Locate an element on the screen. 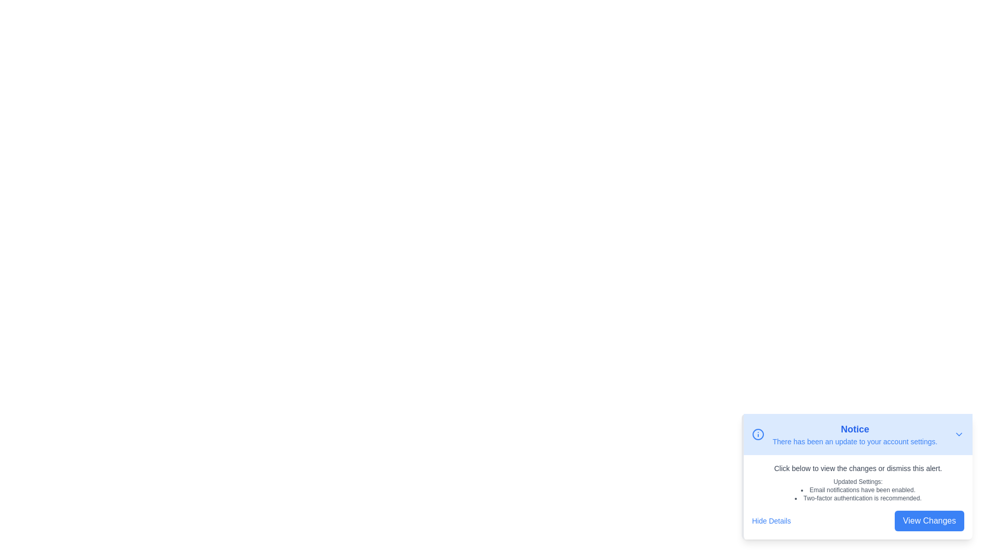  the Text block in the bullet list format located under the heading 'Updated Settings:' in the dialog box, which informs users about changes or suggestions regarding their account settings is located at coordinates (858, 494).